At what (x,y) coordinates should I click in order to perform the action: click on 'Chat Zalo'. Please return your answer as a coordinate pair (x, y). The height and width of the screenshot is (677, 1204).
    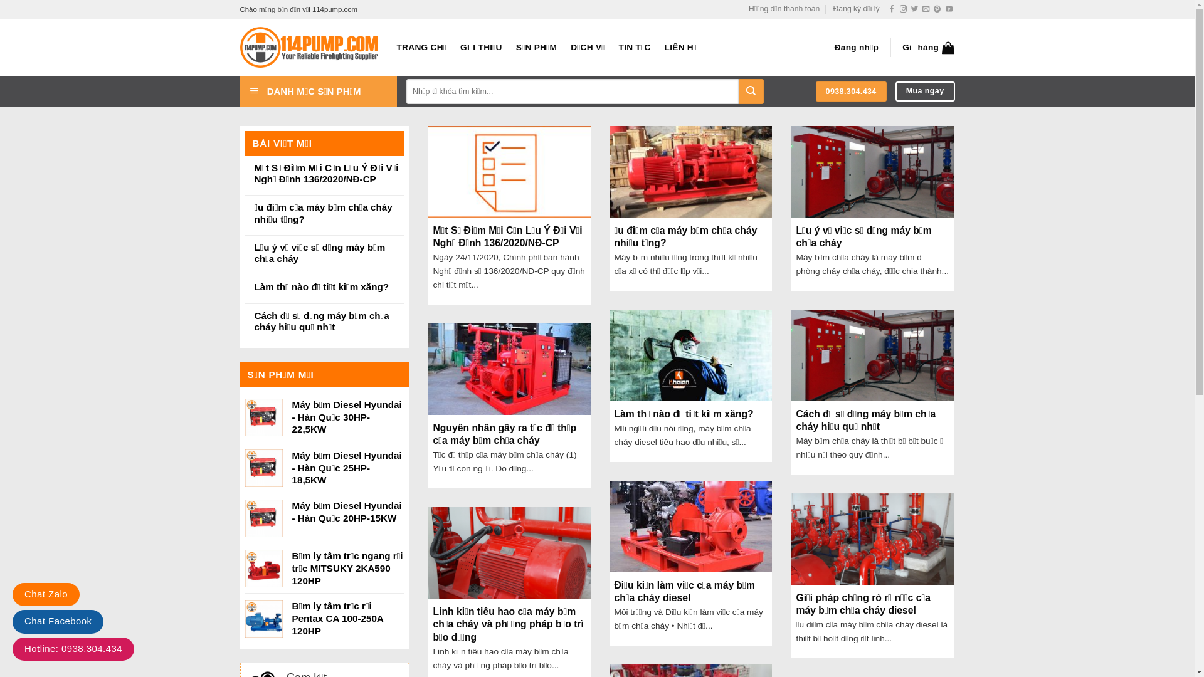
    Looking at the image, I should click on (46, 593).